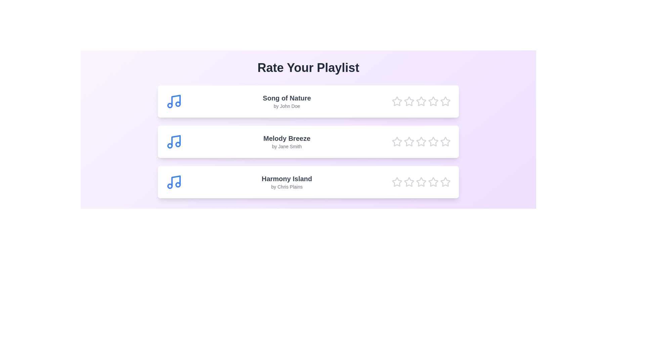  Describe the element at coordinates (445, 101) in the screenshot. I see `the star corresponding to 5 for the song Song of Nature` at that location.